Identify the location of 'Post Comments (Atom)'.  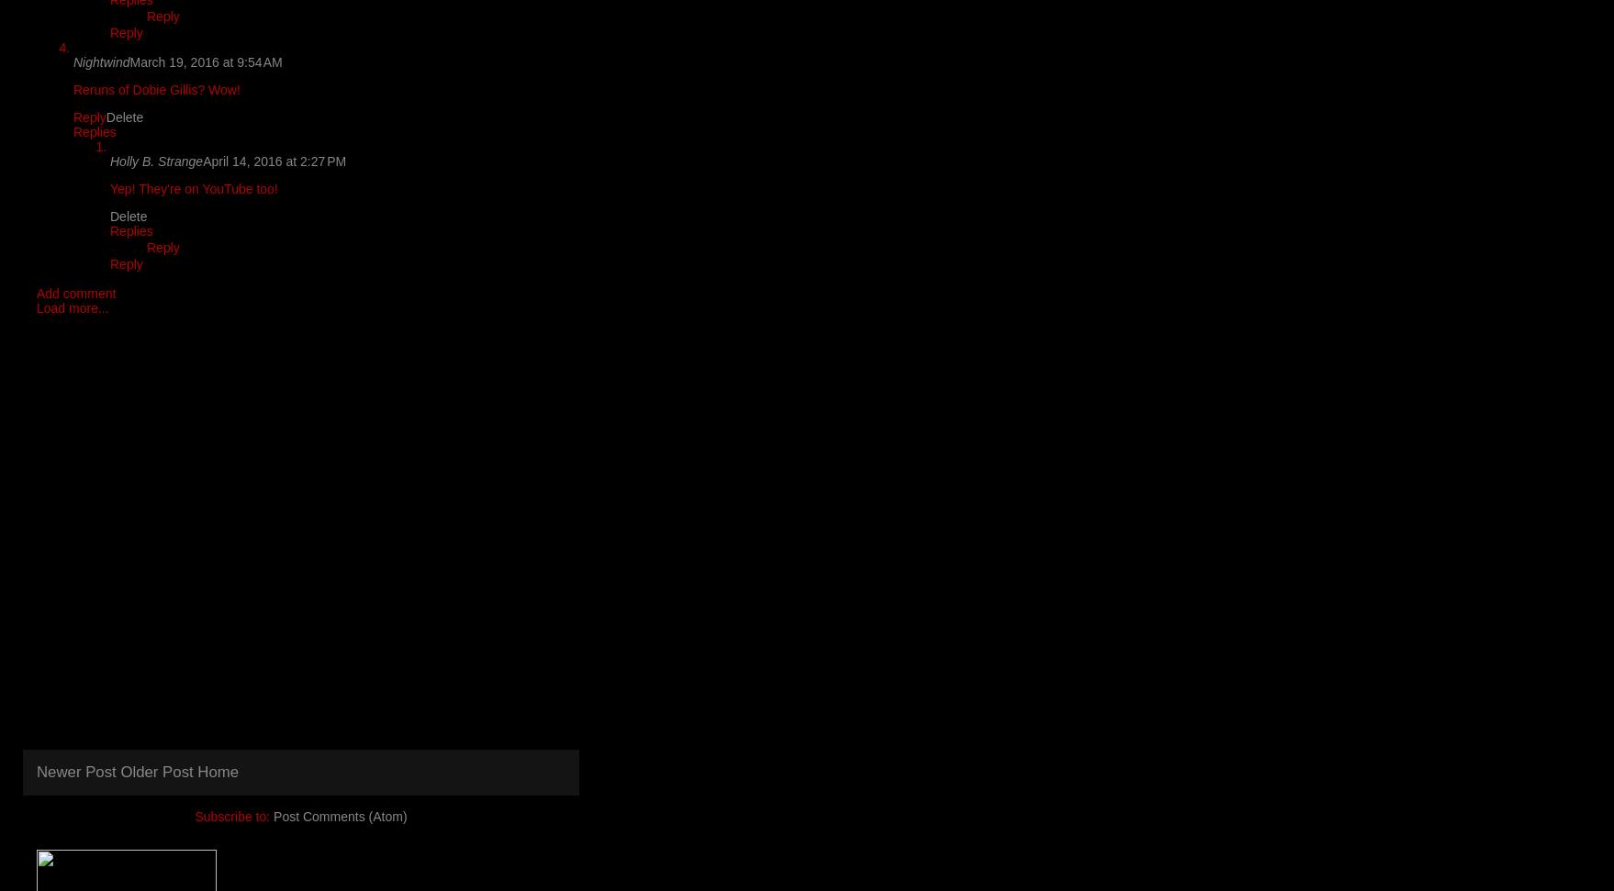
(273, 817).